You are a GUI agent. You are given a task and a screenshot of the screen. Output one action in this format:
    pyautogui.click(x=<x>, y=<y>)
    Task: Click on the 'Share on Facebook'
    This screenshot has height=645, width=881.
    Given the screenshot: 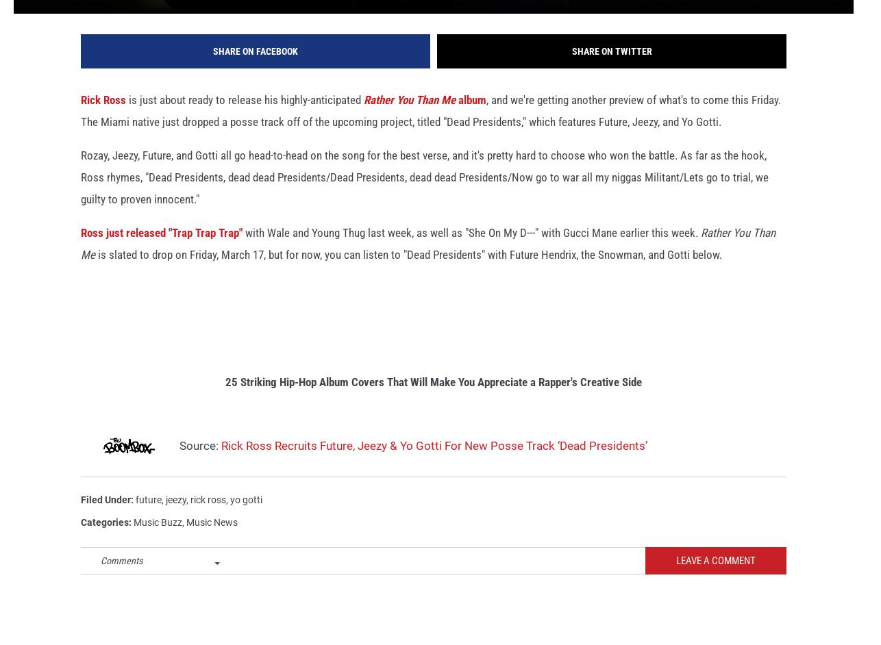 What is the action you would take?
    pyautogui.click(x=254, y=70)
    